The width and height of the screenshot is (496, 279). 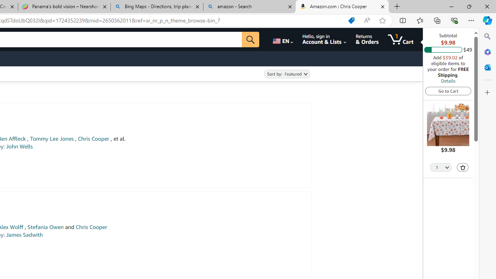 What do you see at coordinates (51, 138) in the screenshot?
I see `'Tommy Lee Jones'` at bounding box center [51, 138].